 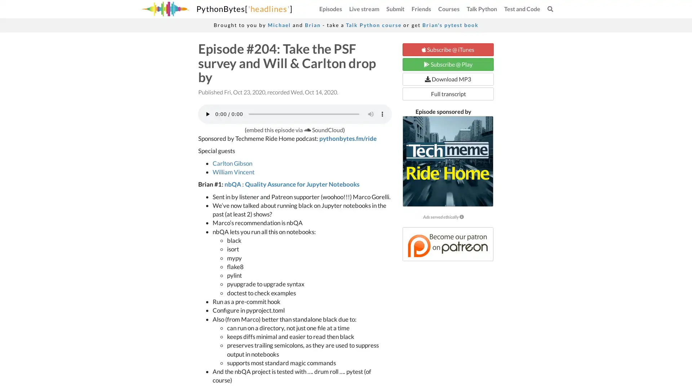 I want to click on show more media controls, so click(x=382, y=113).